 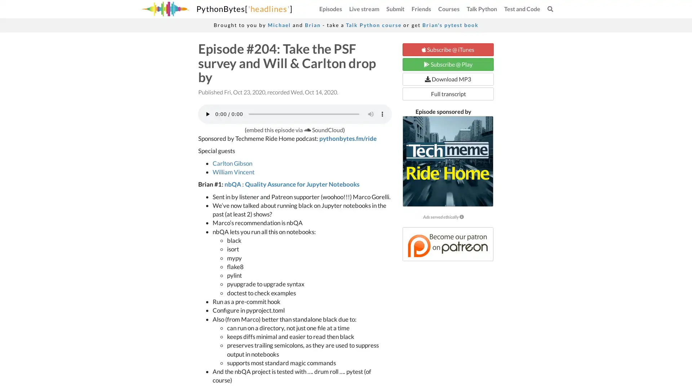 I want to click on show more media controls, so click(x=382, y=113).